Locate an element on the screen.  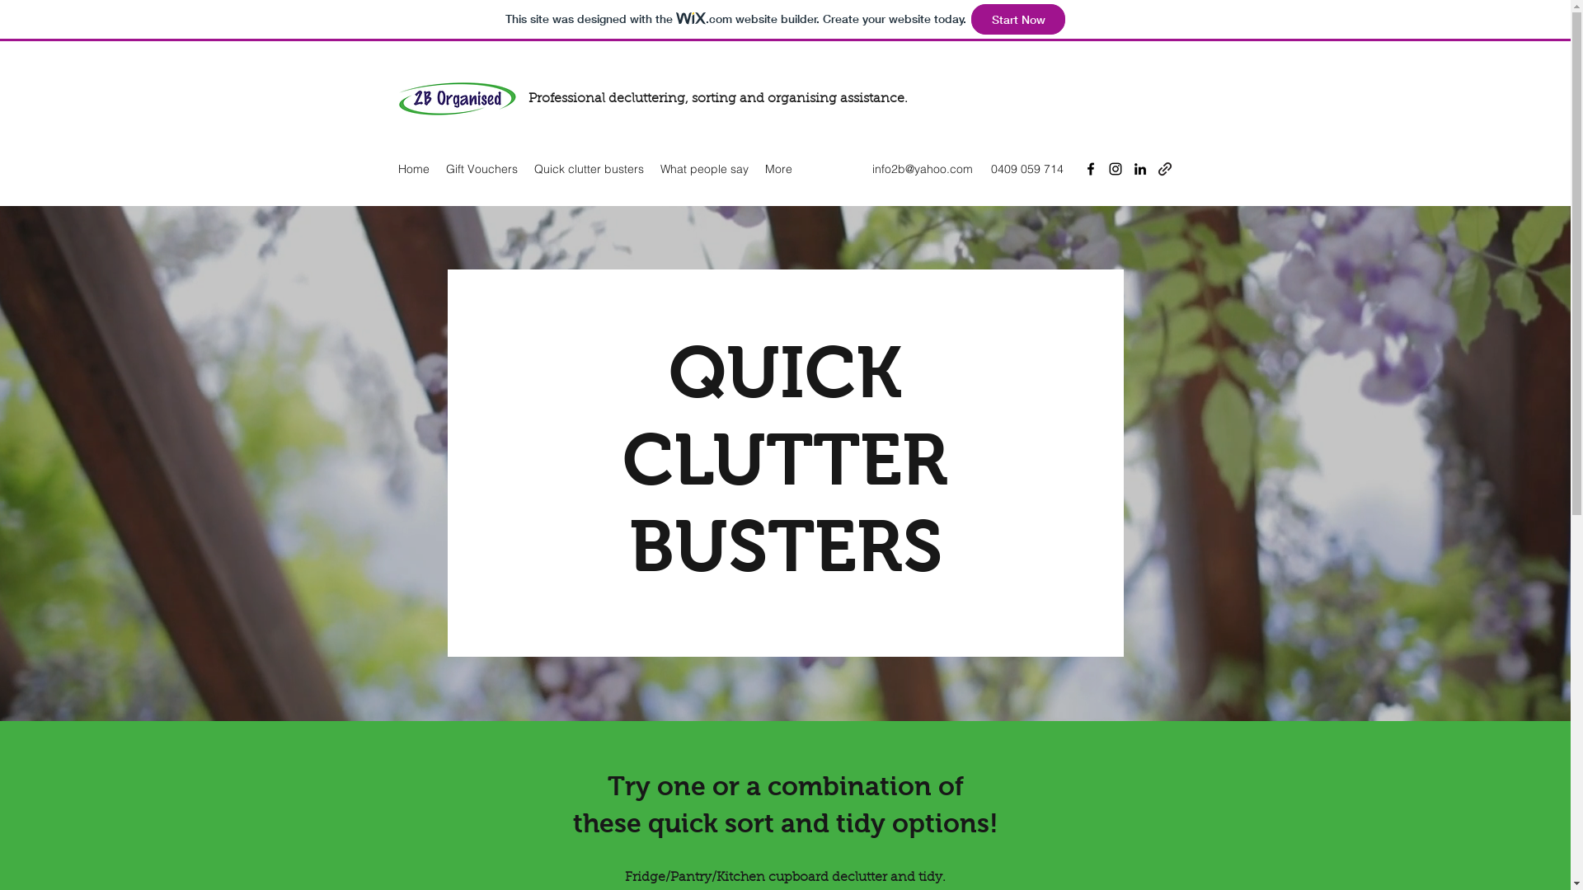
'info2b@yahoo.com' is located at coordinates (871, 168).